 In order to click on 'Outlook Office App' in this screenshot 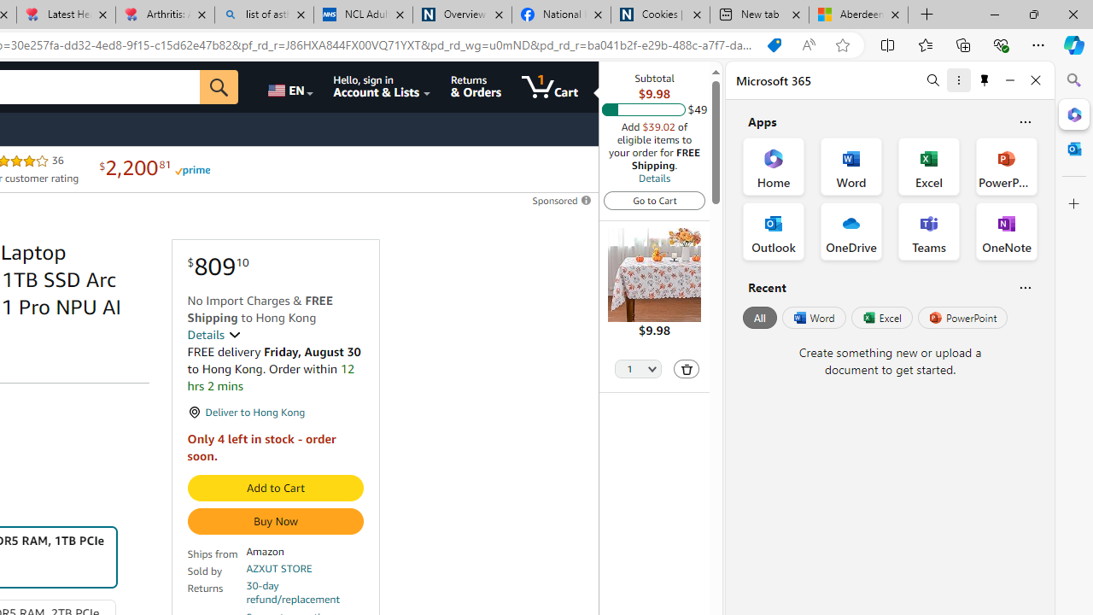, I will do `click(773, 231)`.